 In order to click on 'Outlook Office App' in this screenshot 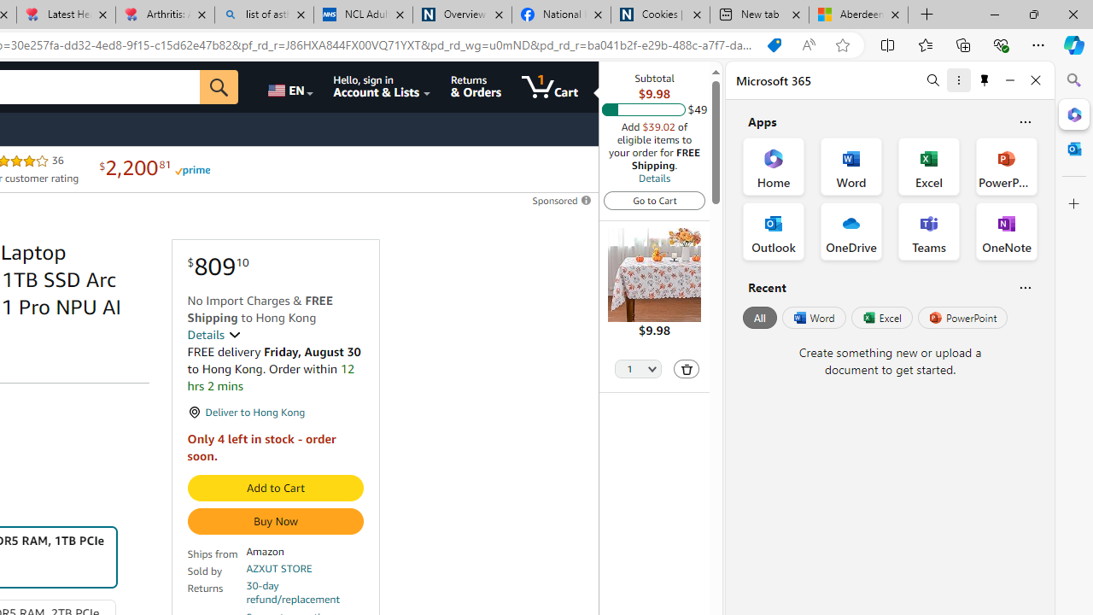, I will do `click(773, 231)`.